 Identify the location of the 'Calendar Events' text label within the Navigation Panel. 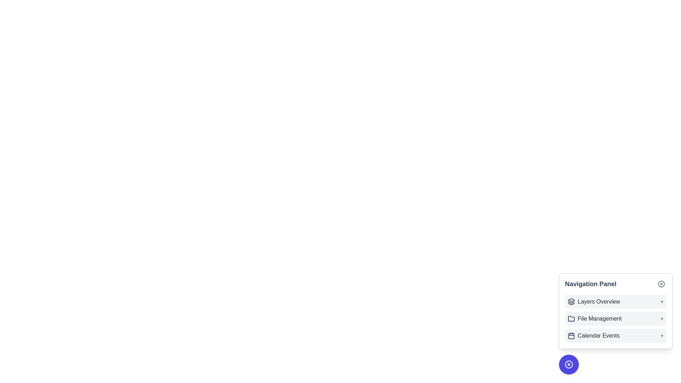
(598, 335).